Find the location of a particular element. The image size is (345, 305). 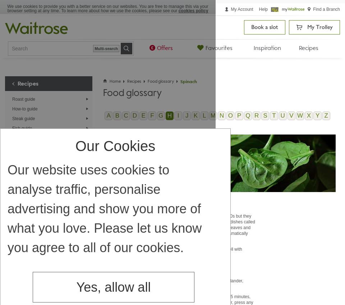

'Egg cooking guide' is located at coordinates (30, 138).